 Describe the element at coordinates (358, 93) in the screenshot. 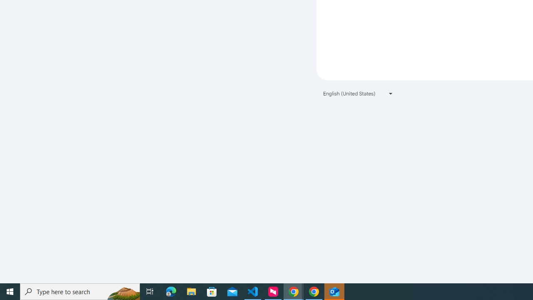

I see `'English (United States)'` at that location.